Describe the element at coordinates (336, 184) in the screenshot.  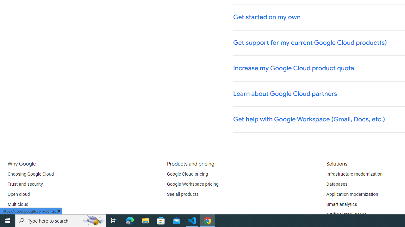
I see `'Databases'` at that location.